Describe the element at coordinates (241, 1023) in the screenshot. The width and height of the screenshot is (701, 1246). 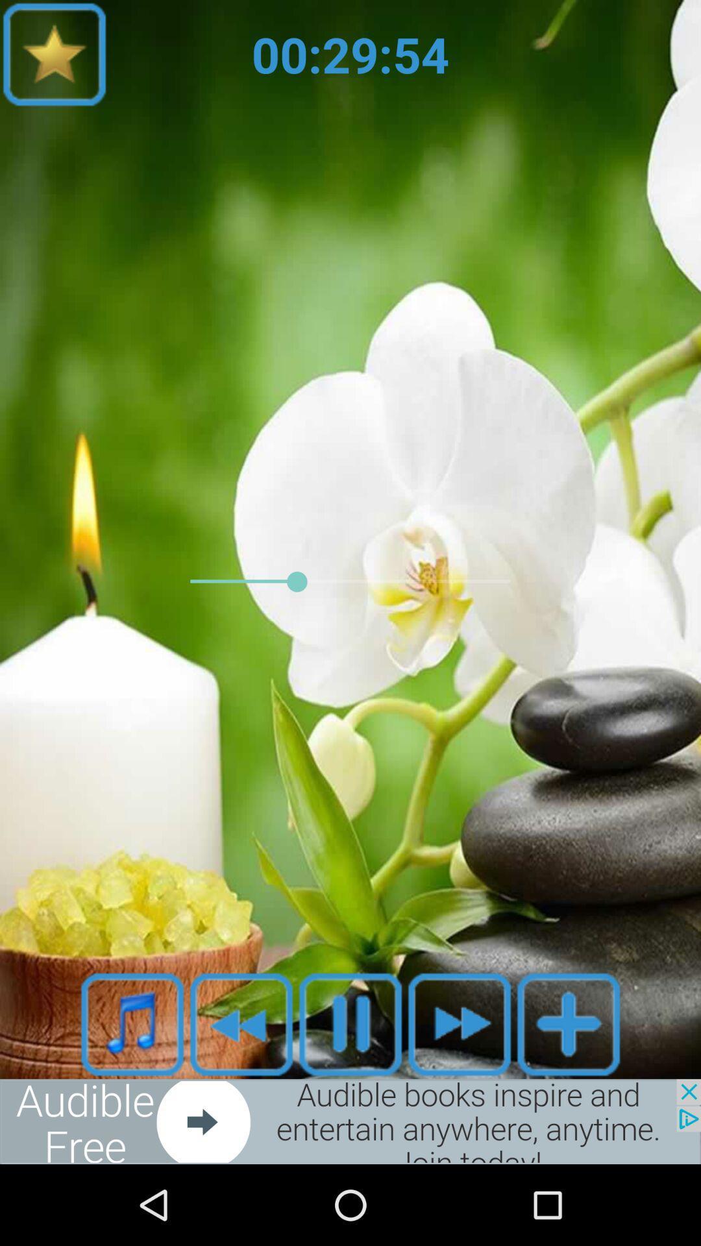
I see `rewind` at that location.